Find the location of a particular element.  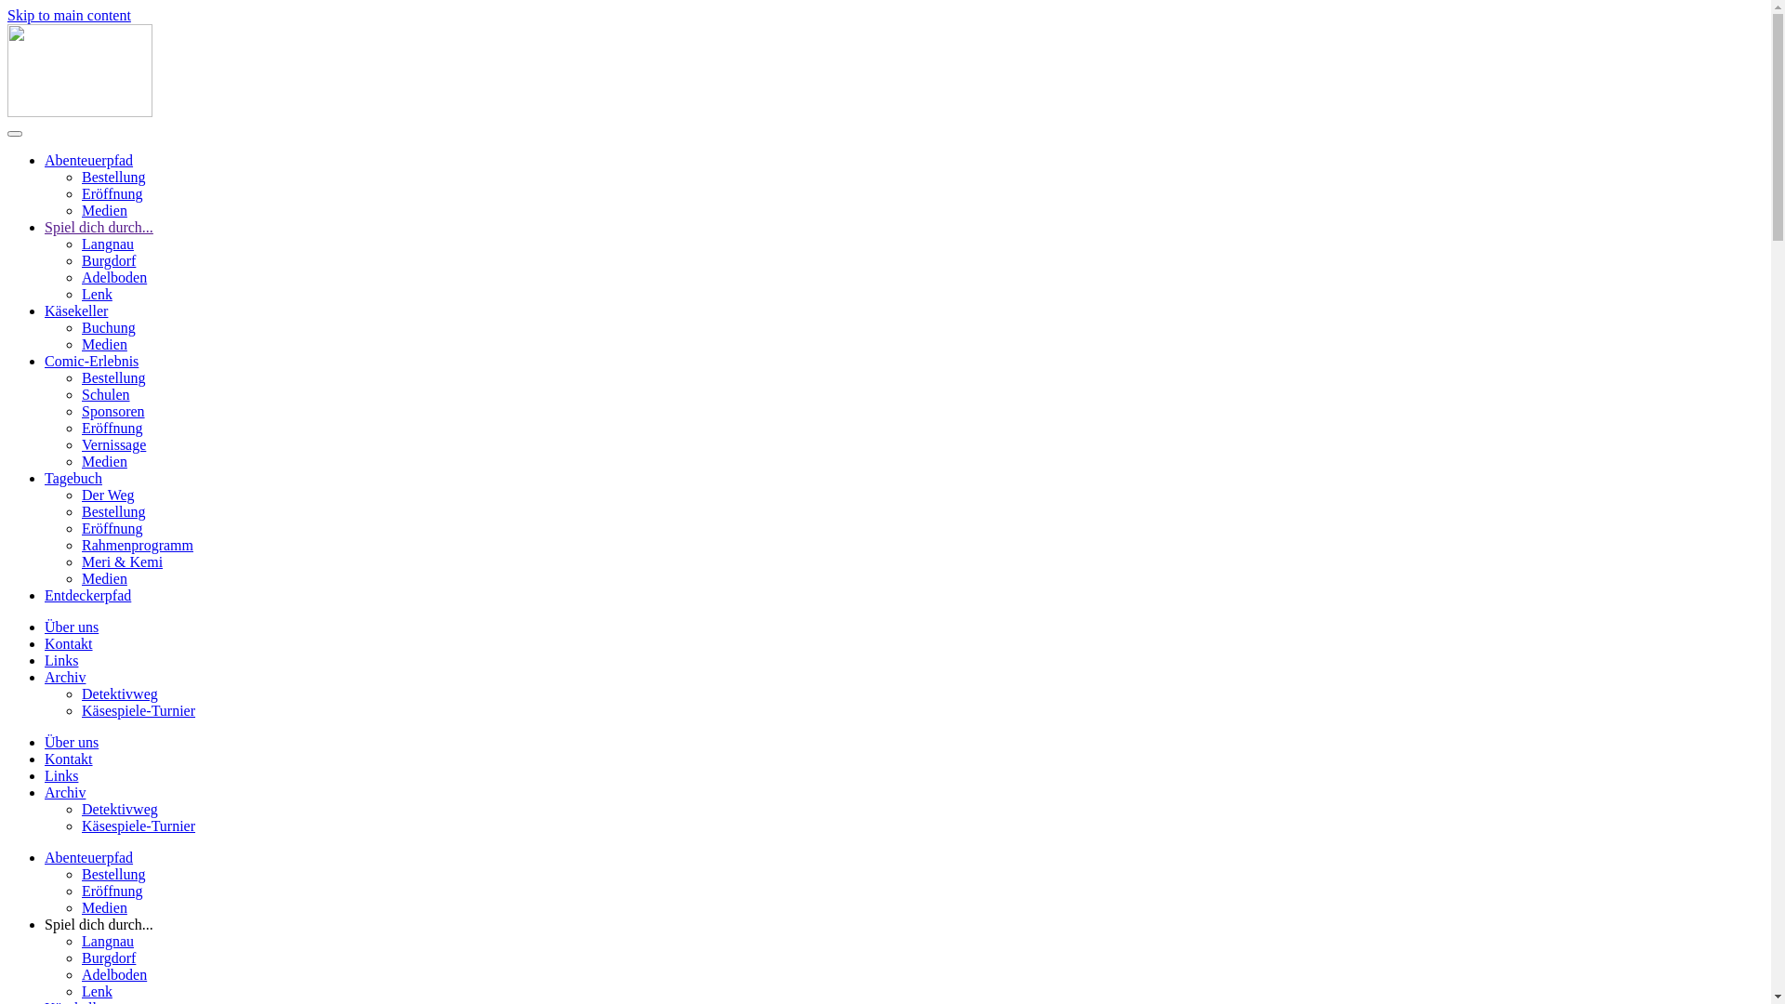

'Langnau' is located at coordinates (106, 941).